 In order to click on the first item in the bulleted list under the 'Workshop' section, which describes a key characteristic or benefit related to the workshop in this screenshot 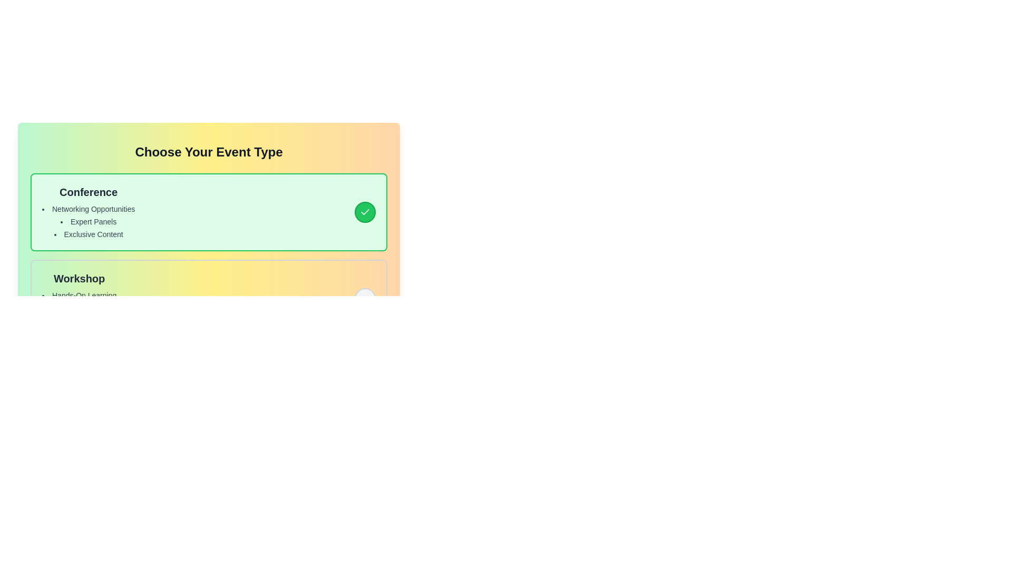, I will do `click(79, 295)`.